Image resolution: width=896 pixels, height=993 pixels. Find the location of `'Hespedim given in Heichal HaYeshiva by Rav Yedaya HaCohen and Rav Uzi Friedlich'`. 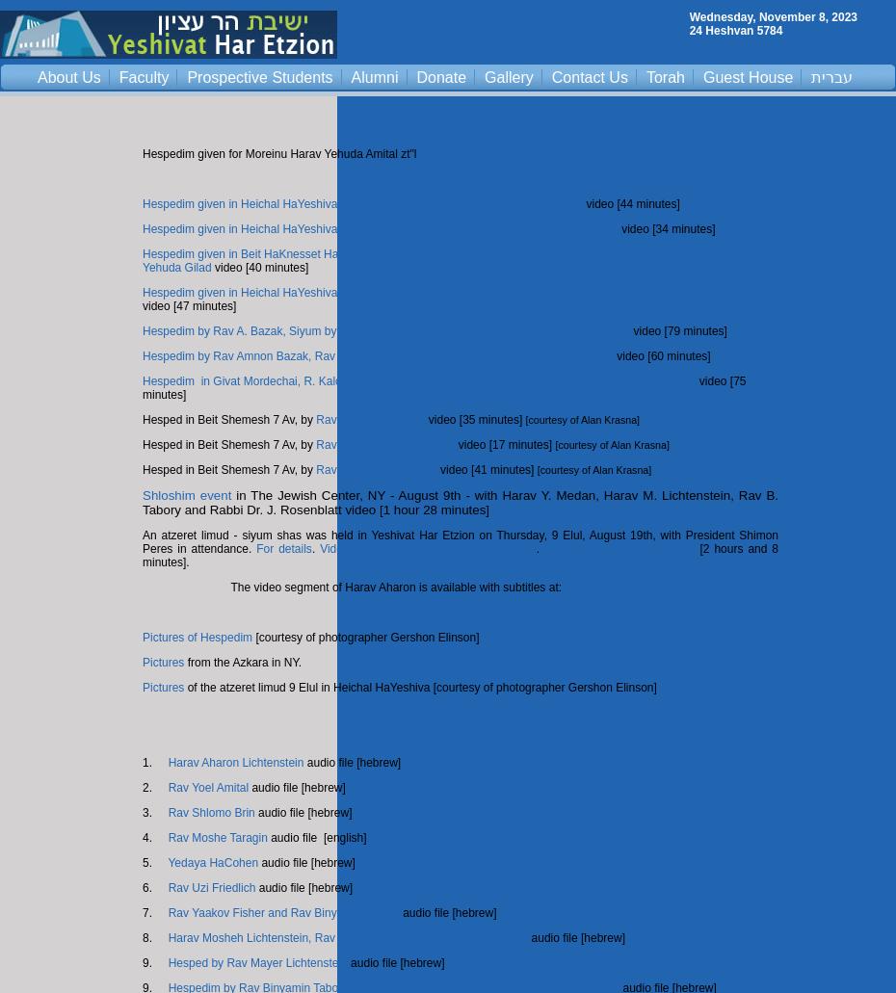

'Hespedim given in Heichal HaYeshiva by Rav Yedaya HaCohen and Rav Uzi Friedlich' is located at coordinates (361, 203).